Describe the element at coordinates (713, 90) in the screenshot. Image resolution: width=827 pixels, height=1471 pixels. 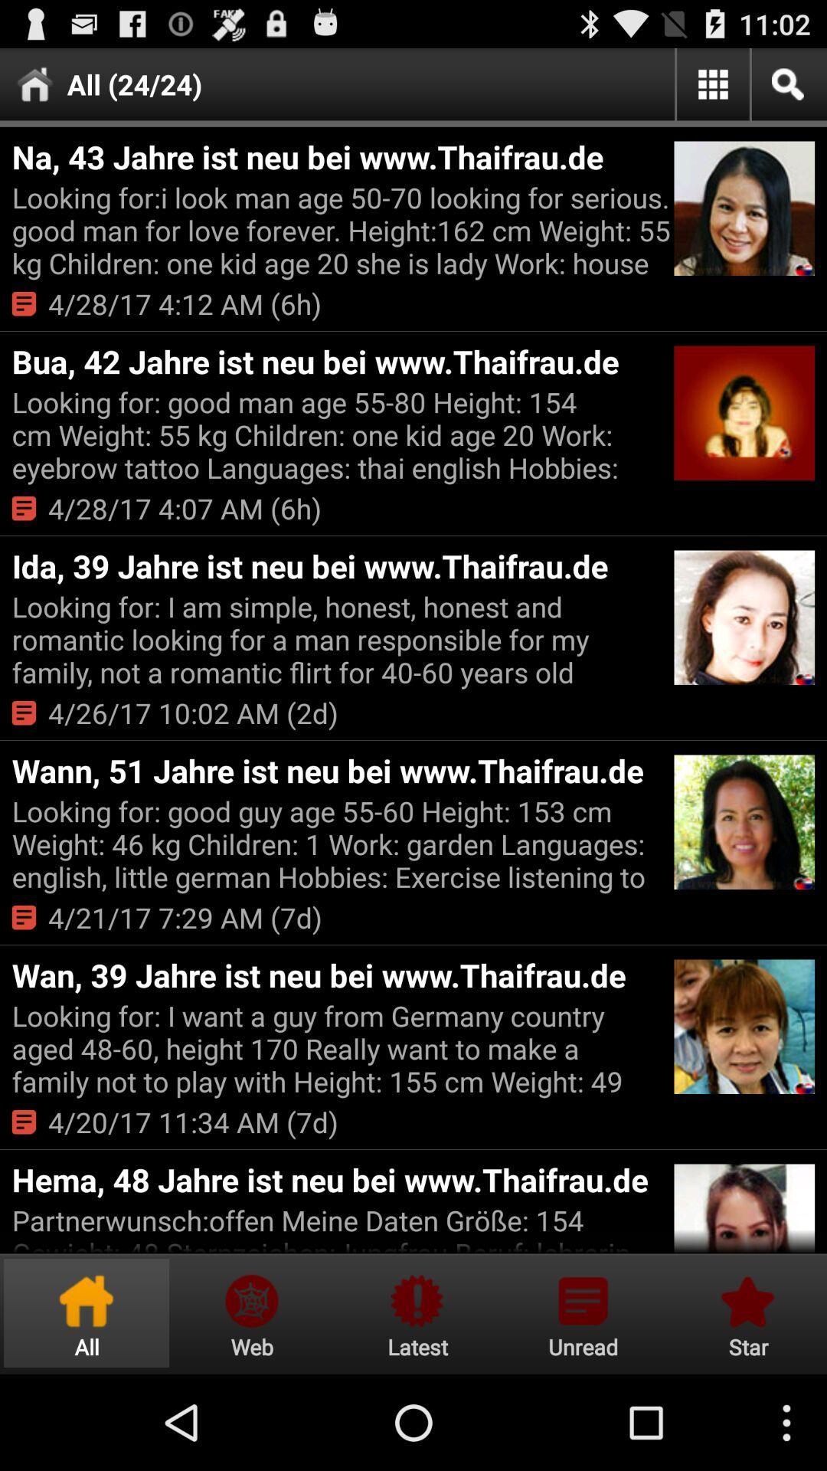
I see `the dashboard icon` at that location.